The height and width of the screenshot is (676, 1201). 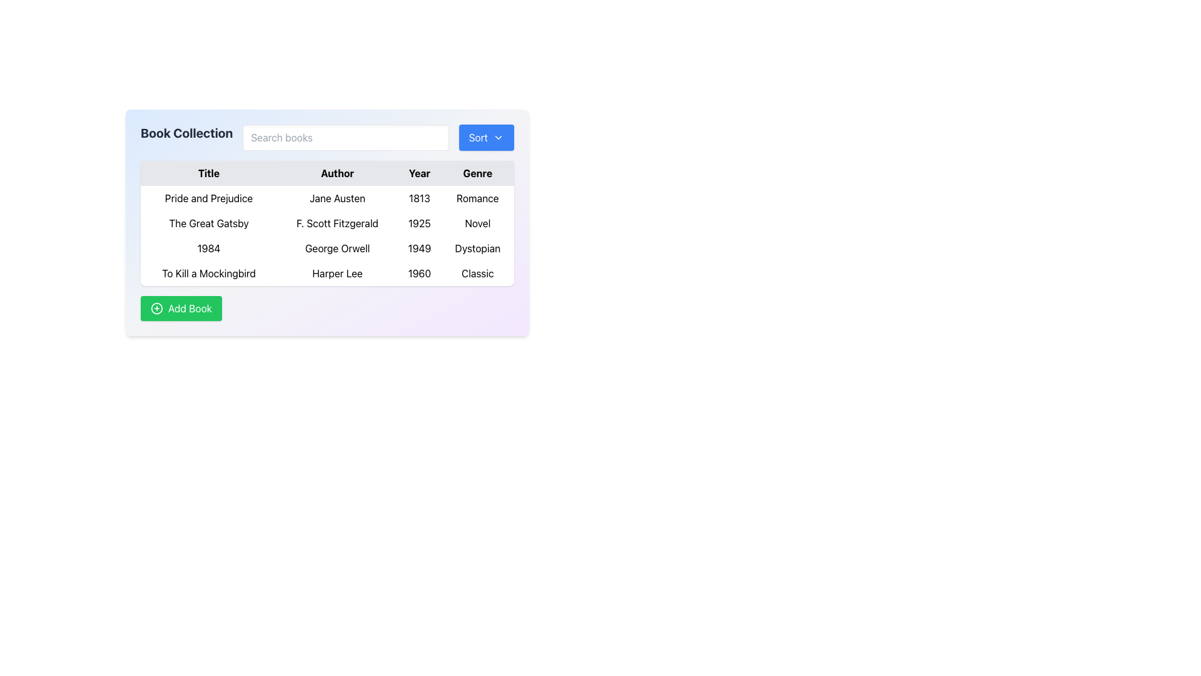 What do you see at coordinates (337, 248) in the screenshot?
I see `text content of the label displaying the author's name, 'George Orwell', located in the second column of the third row under the 'Author' heading` at bounding box center [337, 248].